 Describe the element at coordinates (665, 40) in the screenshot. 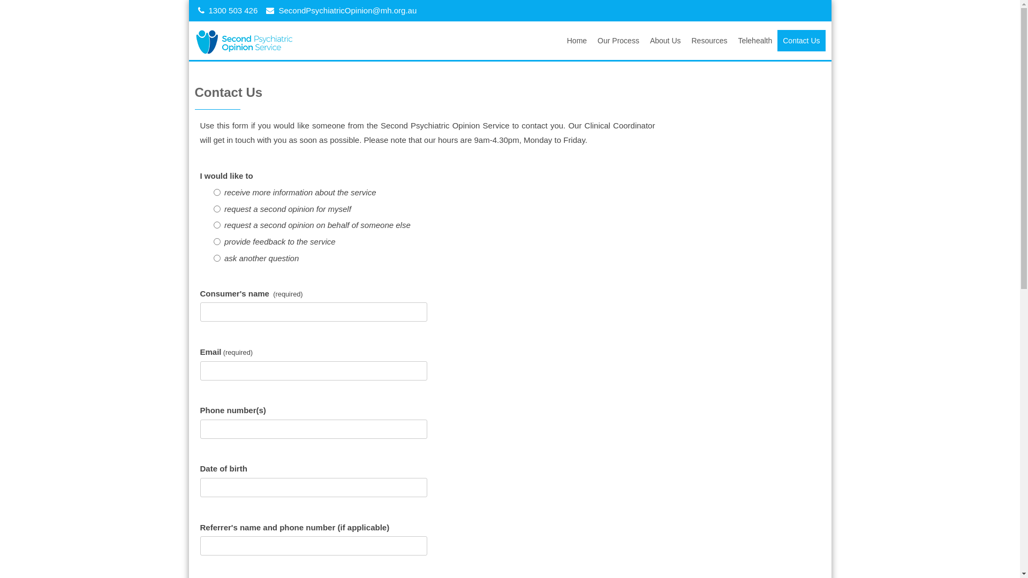

I see `'About Us'` at that location.